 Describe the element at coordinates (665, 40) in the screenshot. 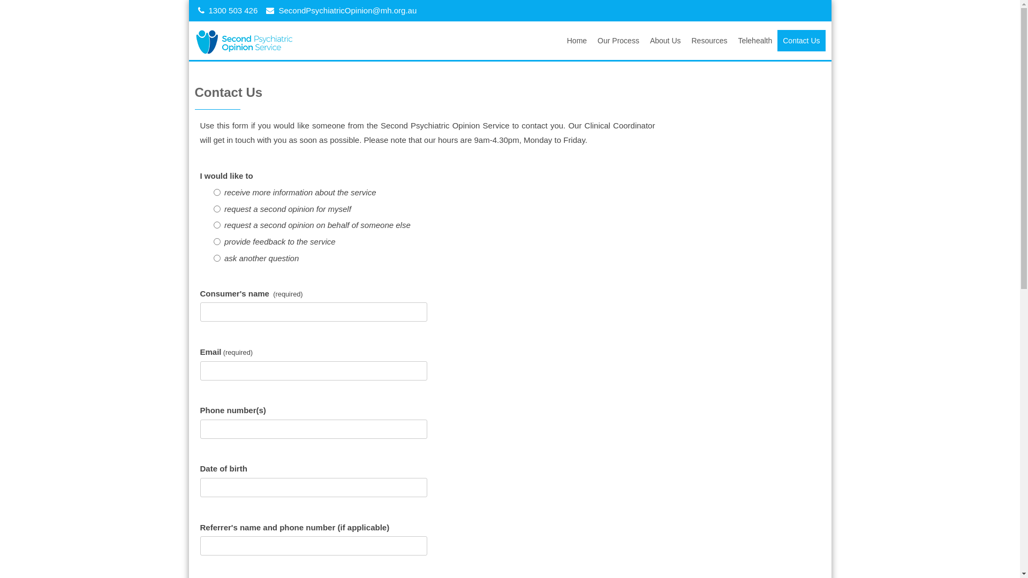

I see `'About Us'` at that location.